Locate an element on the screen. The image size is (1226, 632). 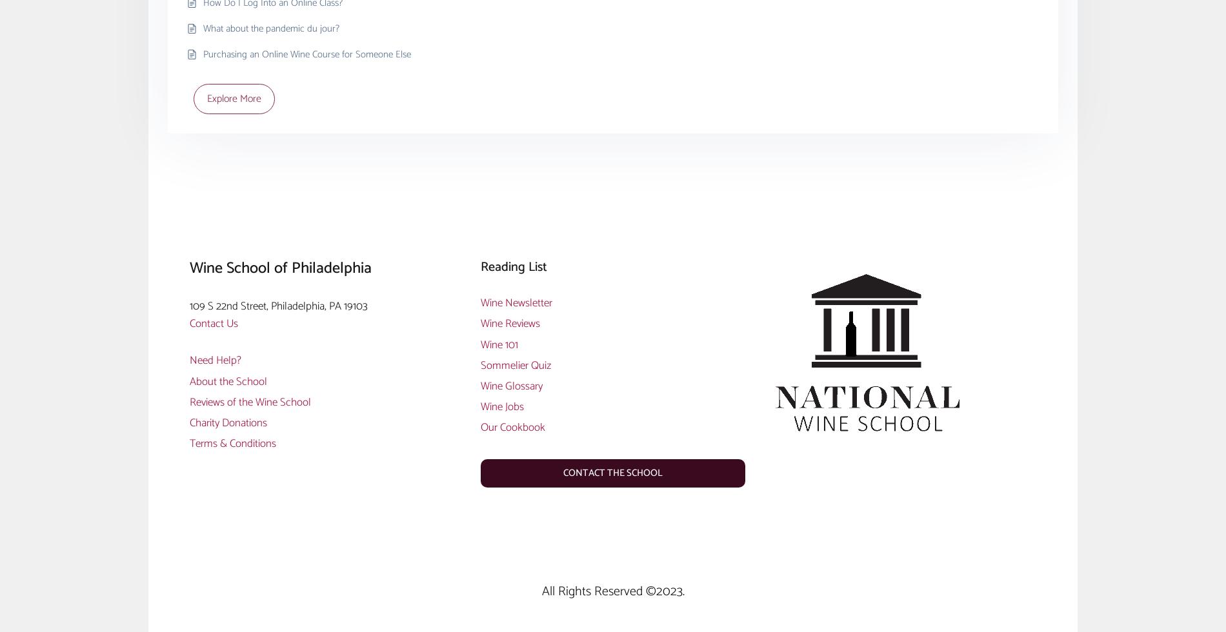
'Wine School of Philadelphia' is located at coordinates (188, 268).